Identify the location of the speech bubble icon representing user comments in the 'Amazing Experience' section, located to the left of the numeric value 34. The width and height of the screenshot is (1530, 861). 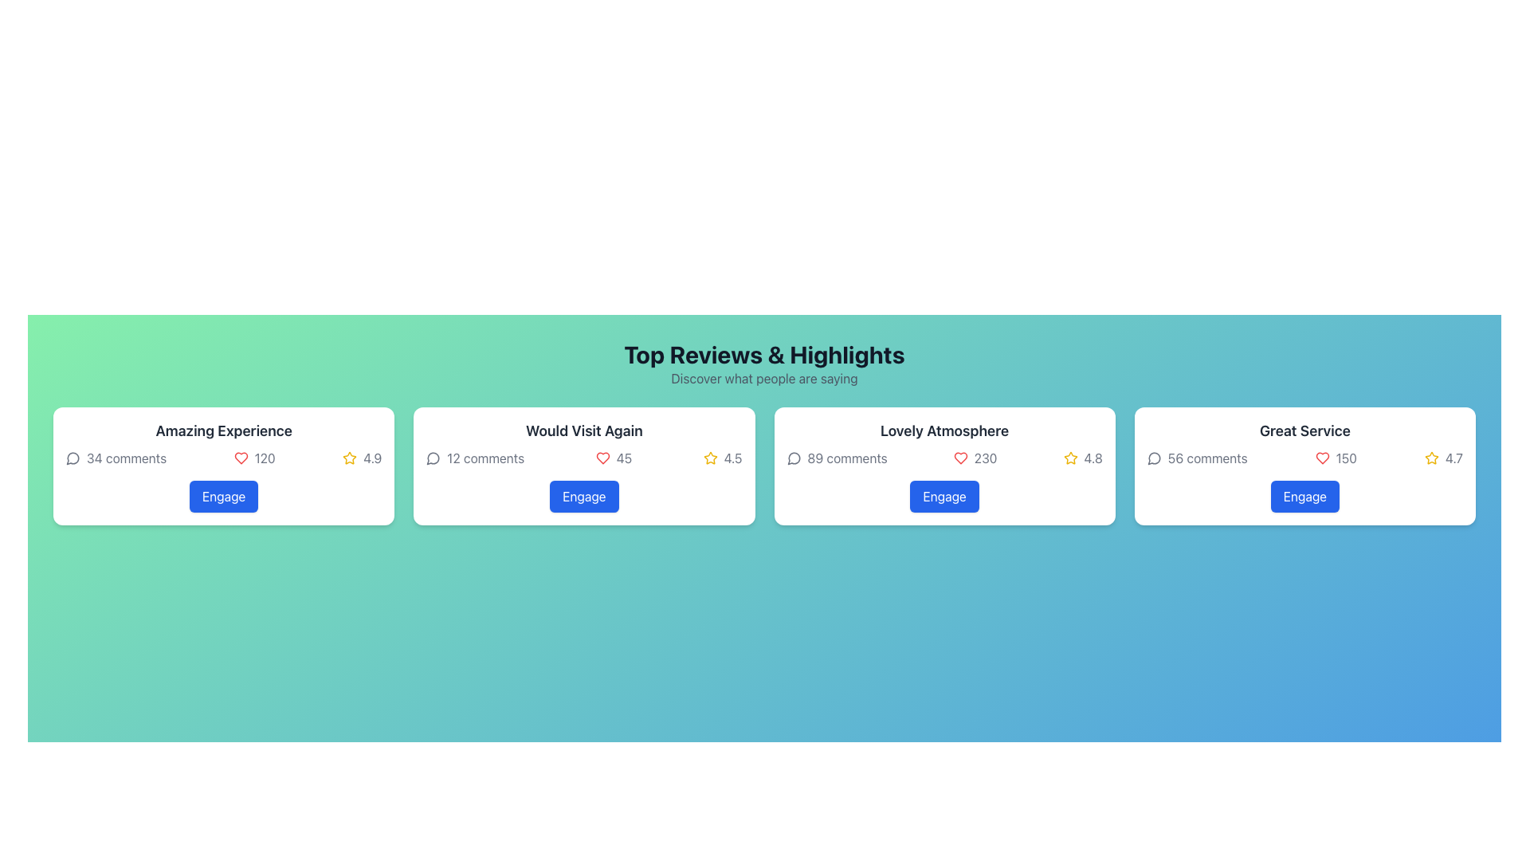
(72, 458).